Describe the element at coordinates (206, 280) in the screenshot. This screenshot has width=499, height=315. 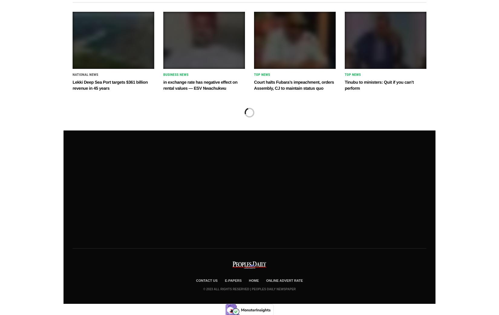
I see `'Contact Us'` at that location.